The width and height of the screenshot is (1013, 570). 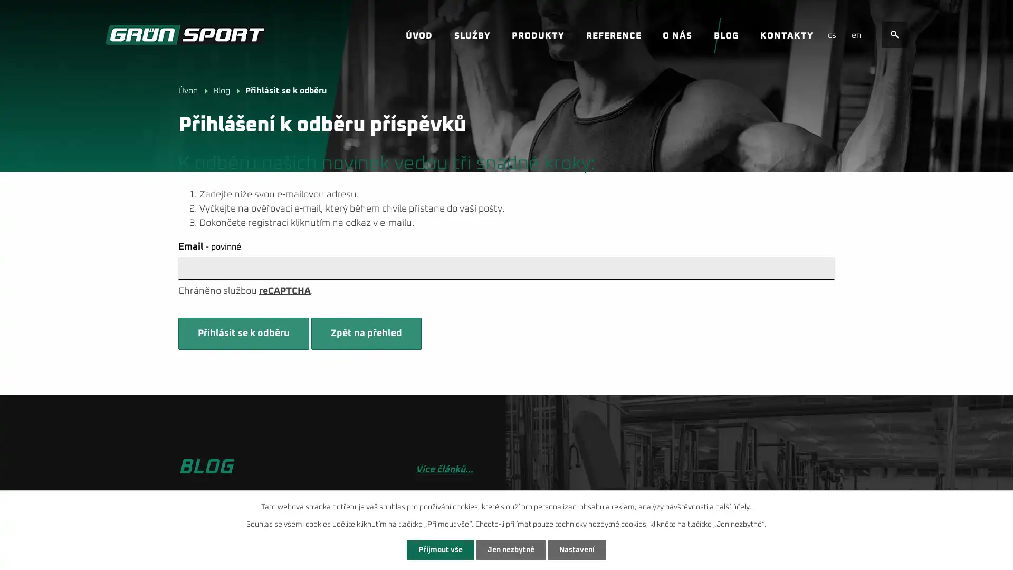 I want to click on Prihlasit se k odberu, so click(x=243, y=334).